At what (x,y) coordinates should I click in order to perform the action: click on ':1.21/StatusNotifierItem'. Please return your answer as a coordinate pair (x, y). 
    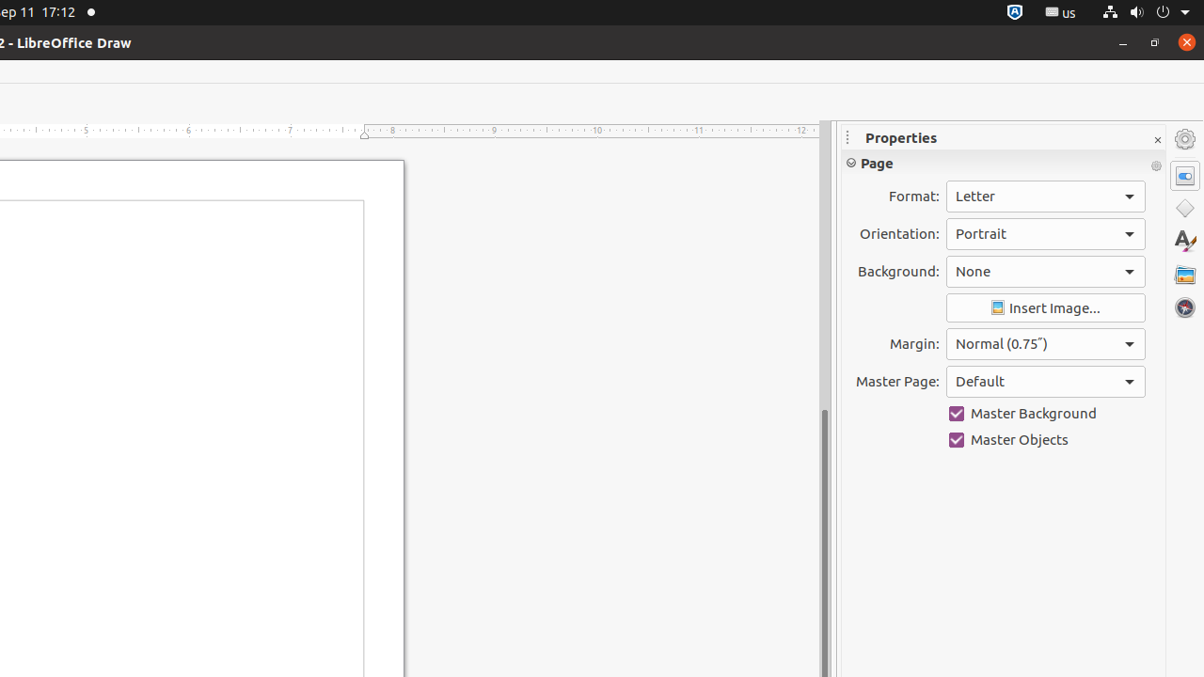
    Looking at the image, I should click on (1060, 12).